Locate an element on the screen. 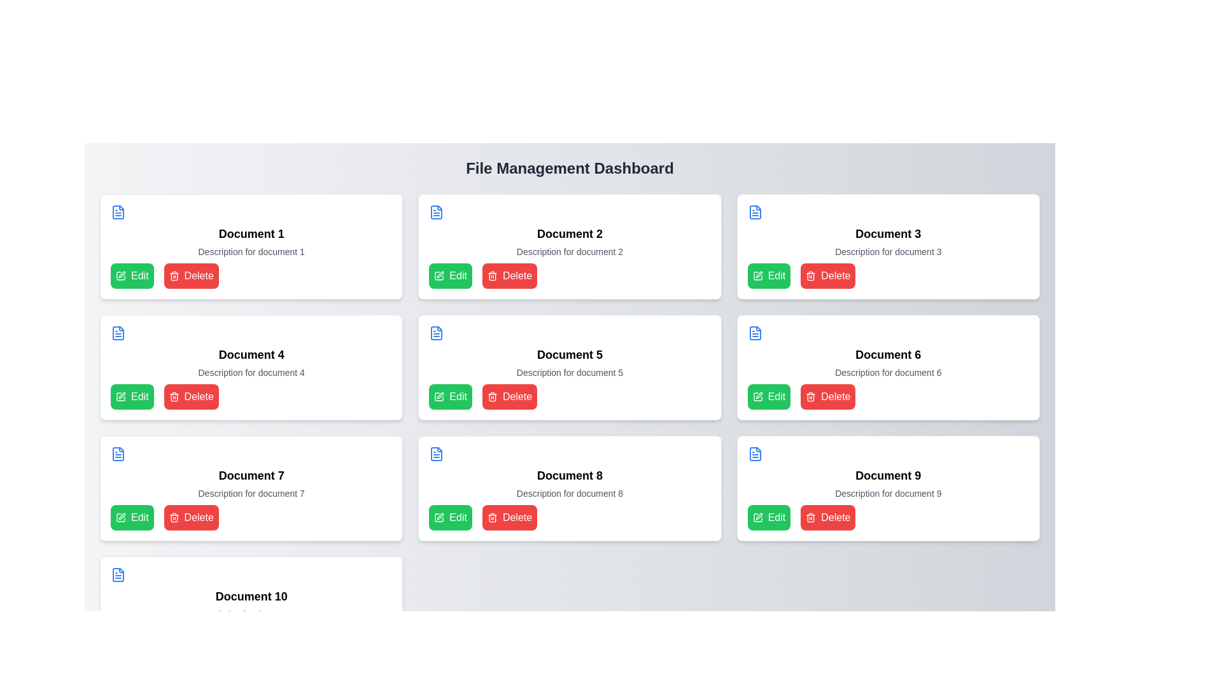 This screenshot has width=1222, height=687. the leftmost button in the pair within the card labeled 'Document 6' is located at coordinates (768, 396).